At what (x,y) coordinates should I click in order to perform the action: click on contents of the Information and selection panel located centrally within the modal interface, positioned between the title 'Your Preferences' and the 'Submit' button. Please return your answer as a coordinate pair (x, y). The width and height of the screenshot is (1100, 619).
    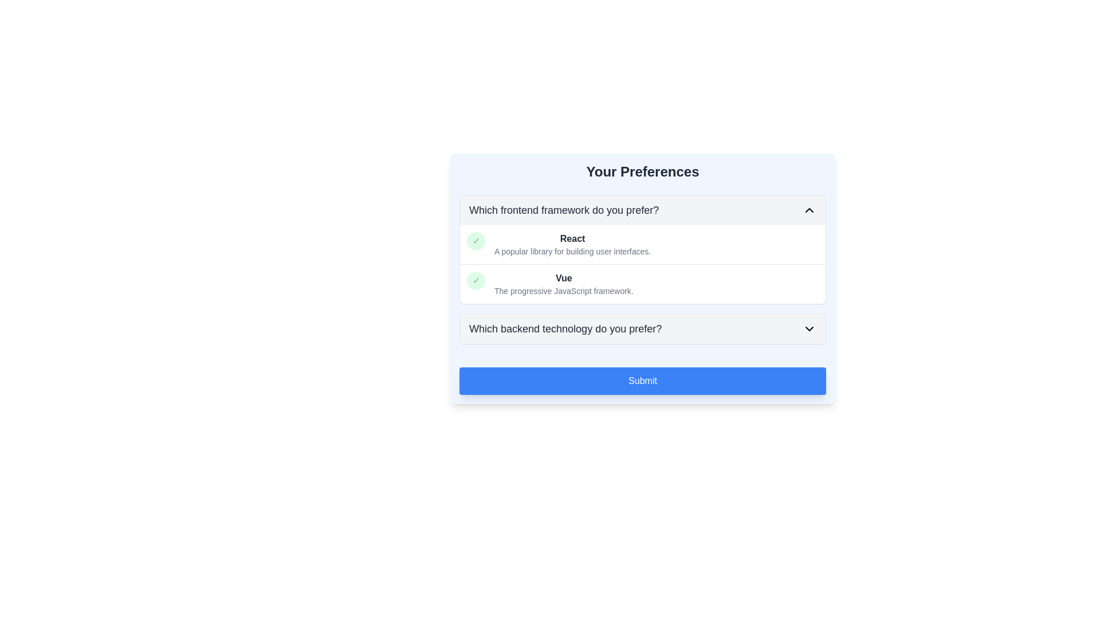
    Looking at the image, I should click on (643, 279).